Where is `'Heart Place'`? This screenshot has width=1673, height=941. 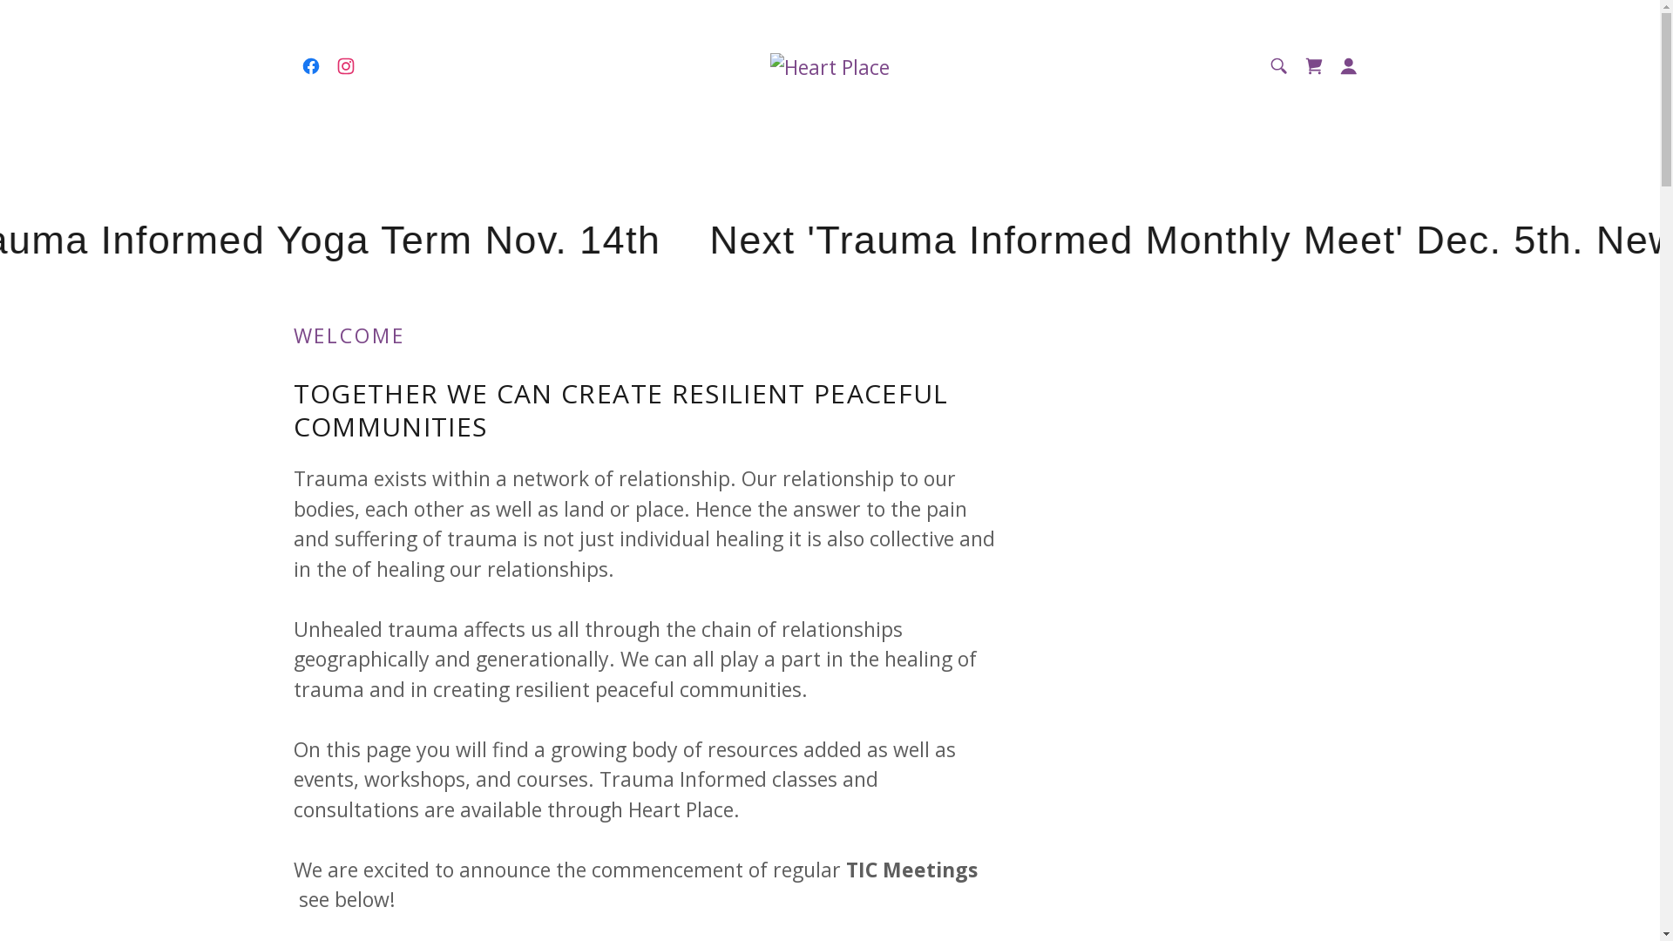
'Heart Place' is located at coordinates (769, 64).